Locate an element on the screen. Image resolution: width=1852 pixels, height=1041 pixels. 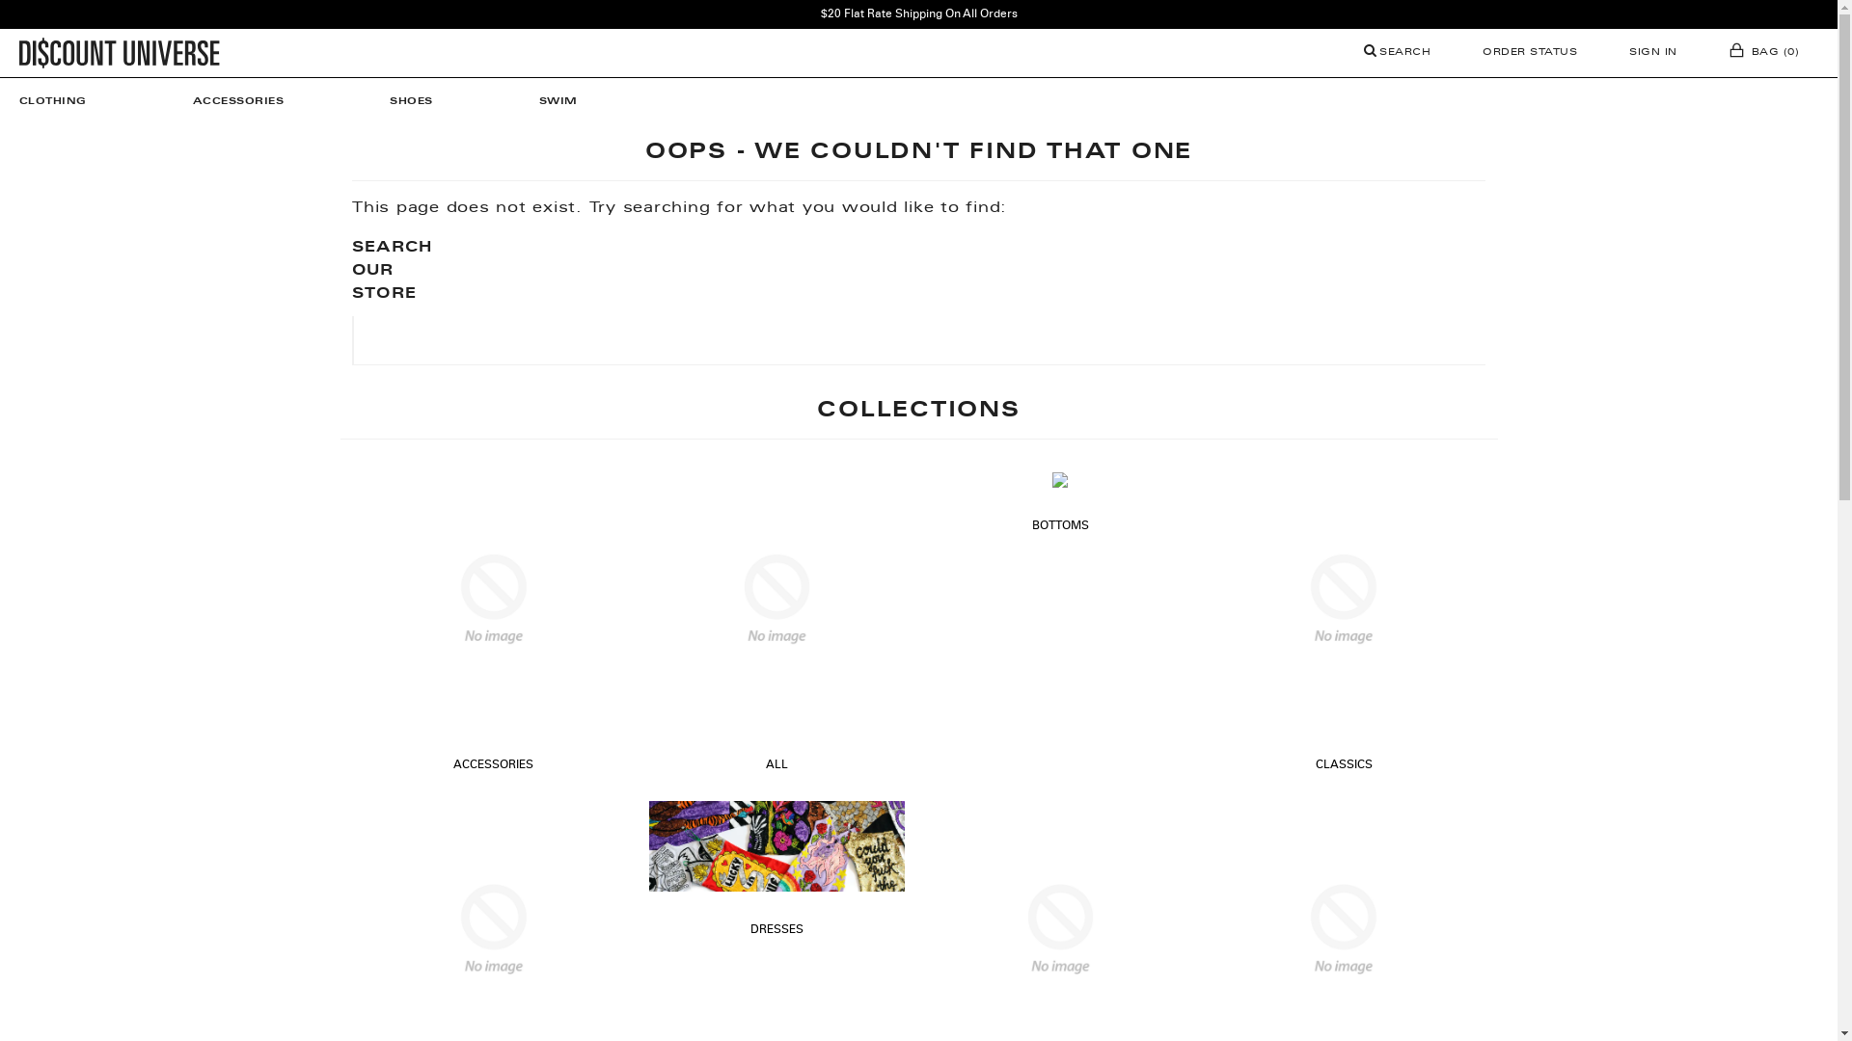
'SIGN IN' is located at coordinates (1610, 51).